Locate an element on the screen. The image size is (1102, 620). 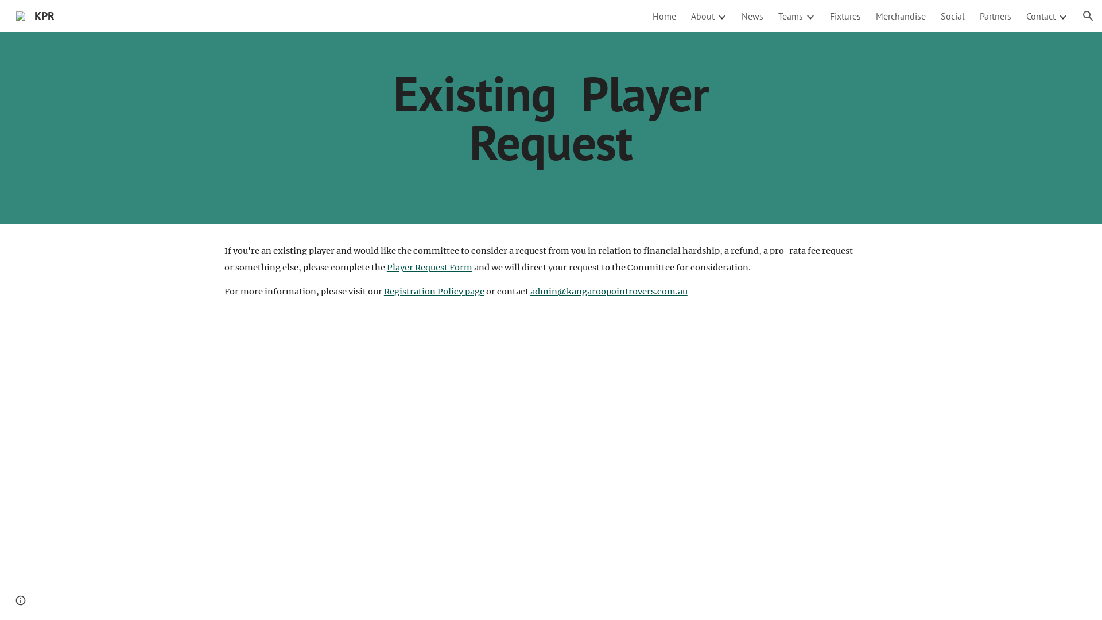
'About' is located at coordinates (702, 15).